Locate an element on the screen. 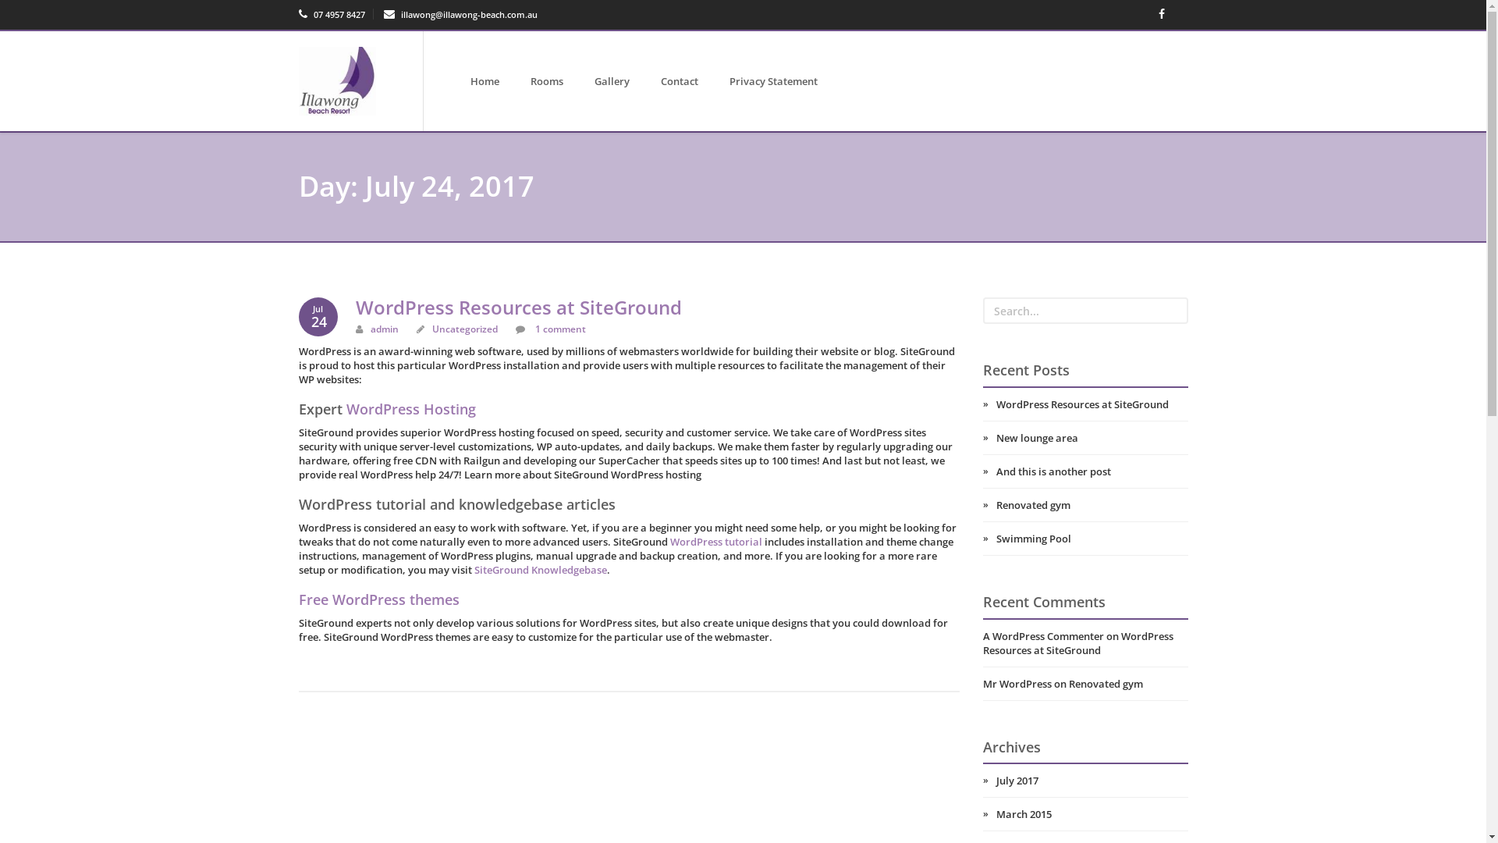  'New lounge area' is located at coordinates (1084, 437).